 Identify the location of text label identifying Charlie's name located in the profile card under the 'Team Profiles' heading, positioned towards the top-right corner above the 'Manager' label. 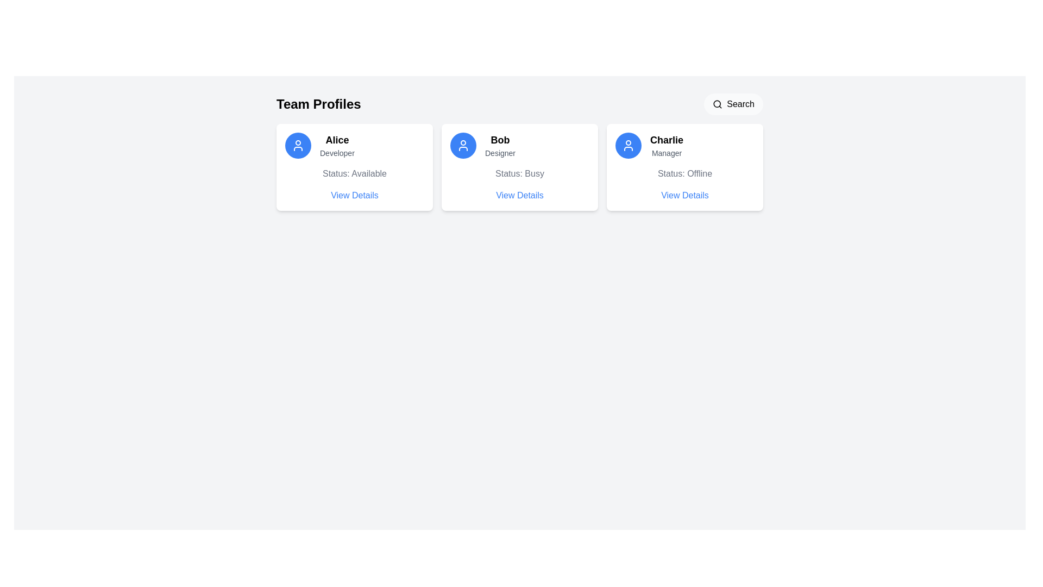
(666, 140).